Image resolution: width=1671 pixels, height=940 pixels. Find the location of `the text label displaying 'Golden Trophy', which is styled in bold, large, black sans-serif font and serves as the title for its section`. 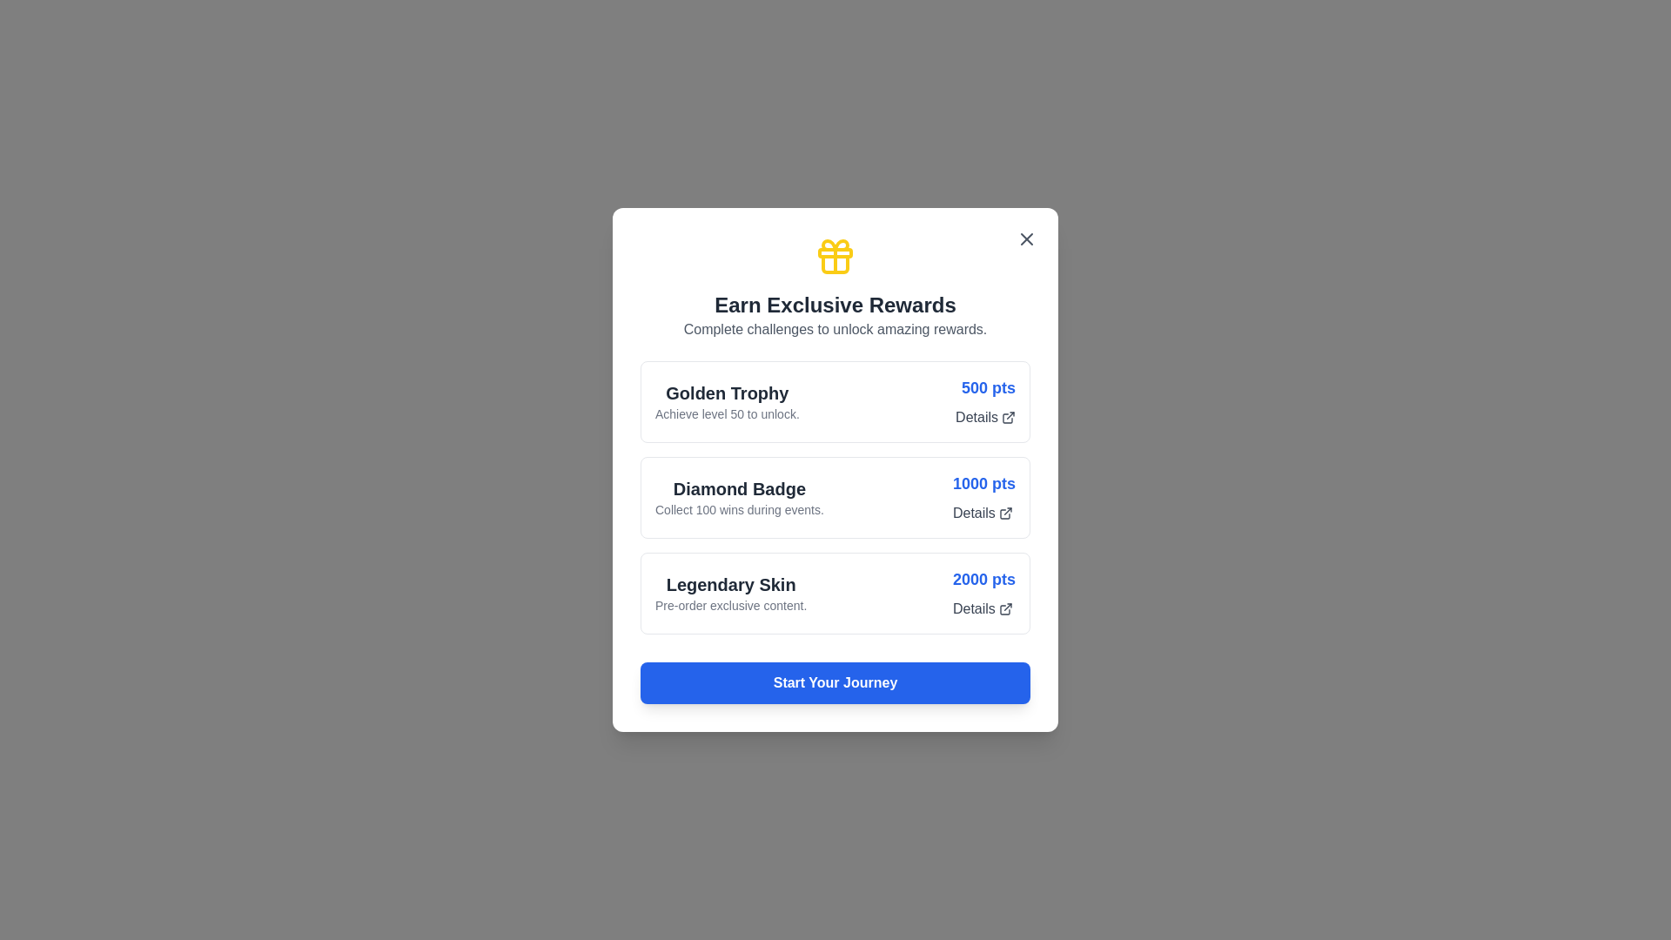

the text label displaying 'Golden Trophy', which is styled in bold, large, black sans-serif font and serves as the title for its section is located at coordinates (727, 393).